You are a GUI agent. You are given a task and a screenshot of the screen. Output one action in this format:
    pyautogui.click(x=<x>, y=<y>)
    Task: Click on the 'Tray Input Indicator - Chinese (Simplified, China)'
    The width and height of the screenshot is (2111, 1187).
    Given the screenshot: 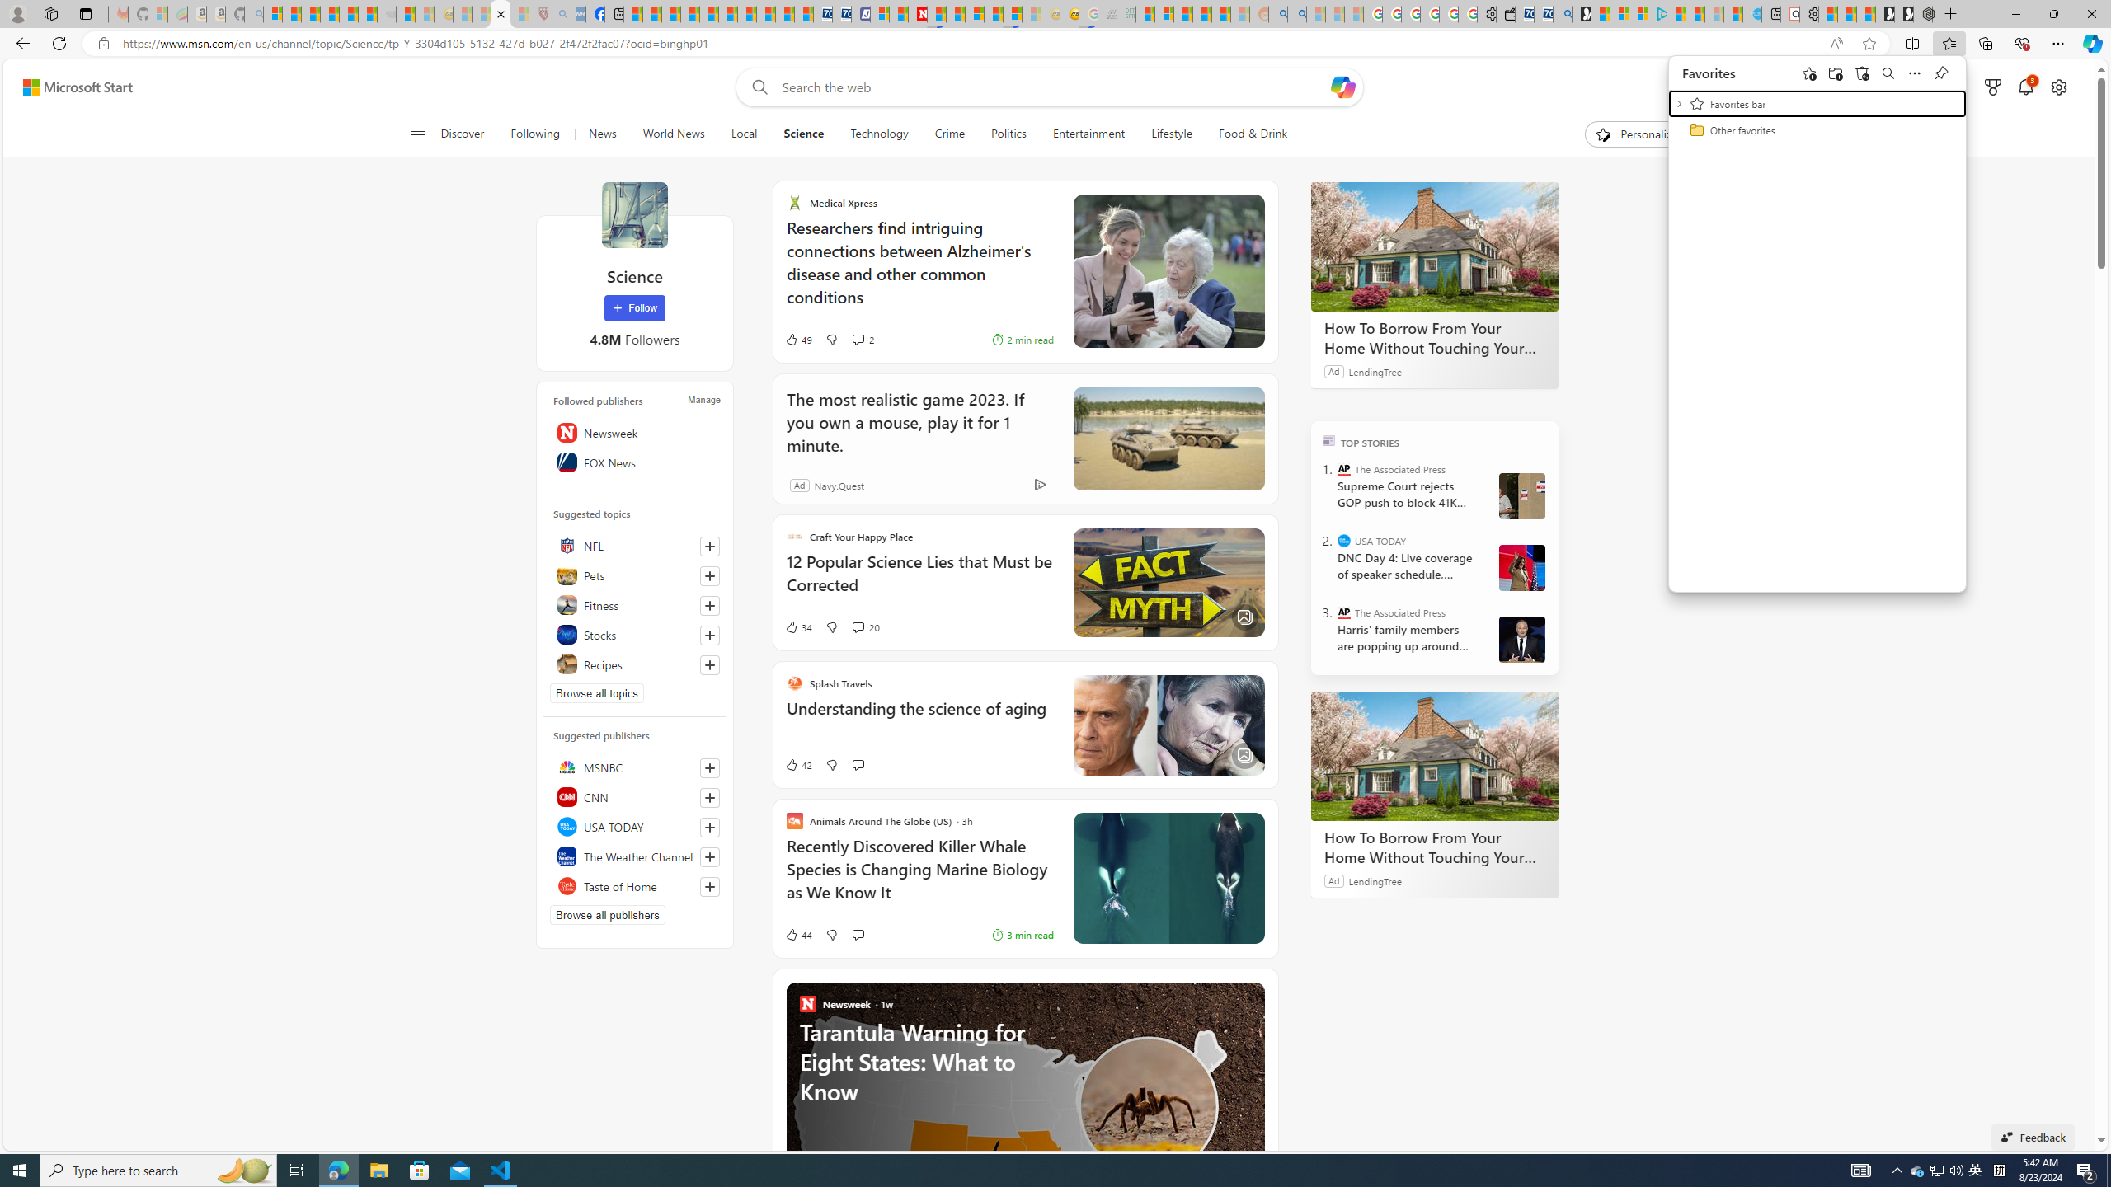 What is the action you would take?
    pyautogui.click(x=1999, y=1169)
    